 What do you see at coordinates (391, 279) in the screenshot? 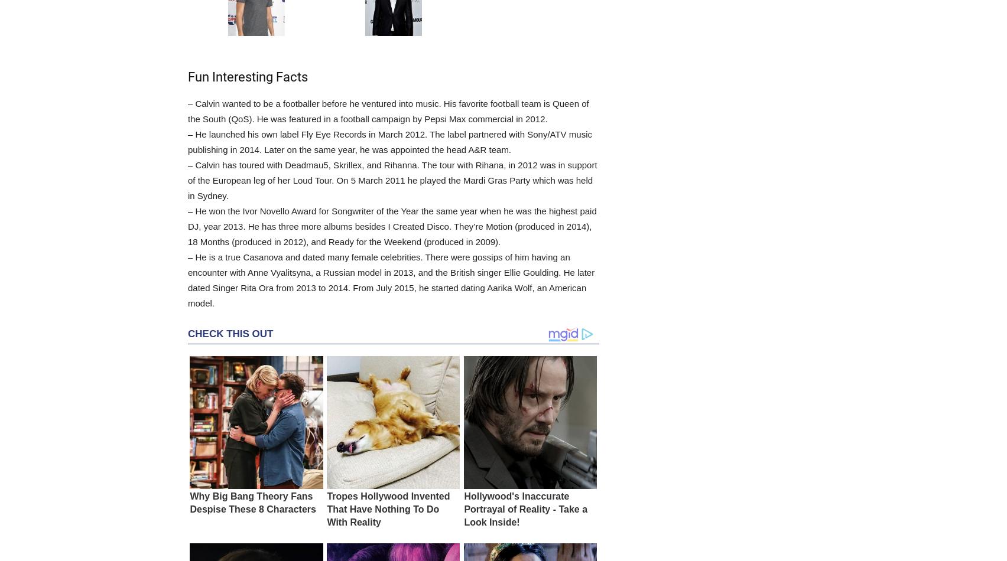
I see `'– He is a true Casanova and dated many female celebrities. There were gossips of him having an encounter with Anne Vyalitsyna, a Russian model in 2013, and the British singer Ellie Goulding. He later dated Singer Rita Ora from 2013 to 2014. From July 2015, he started dating Aarika Wolf, an American model.'` at bounding box center [391, 279].